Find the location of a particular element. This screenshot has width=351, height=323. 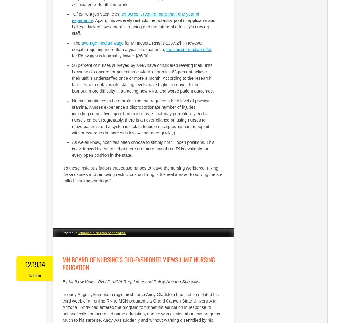

'Editor' is located at coordinates (36, 274).